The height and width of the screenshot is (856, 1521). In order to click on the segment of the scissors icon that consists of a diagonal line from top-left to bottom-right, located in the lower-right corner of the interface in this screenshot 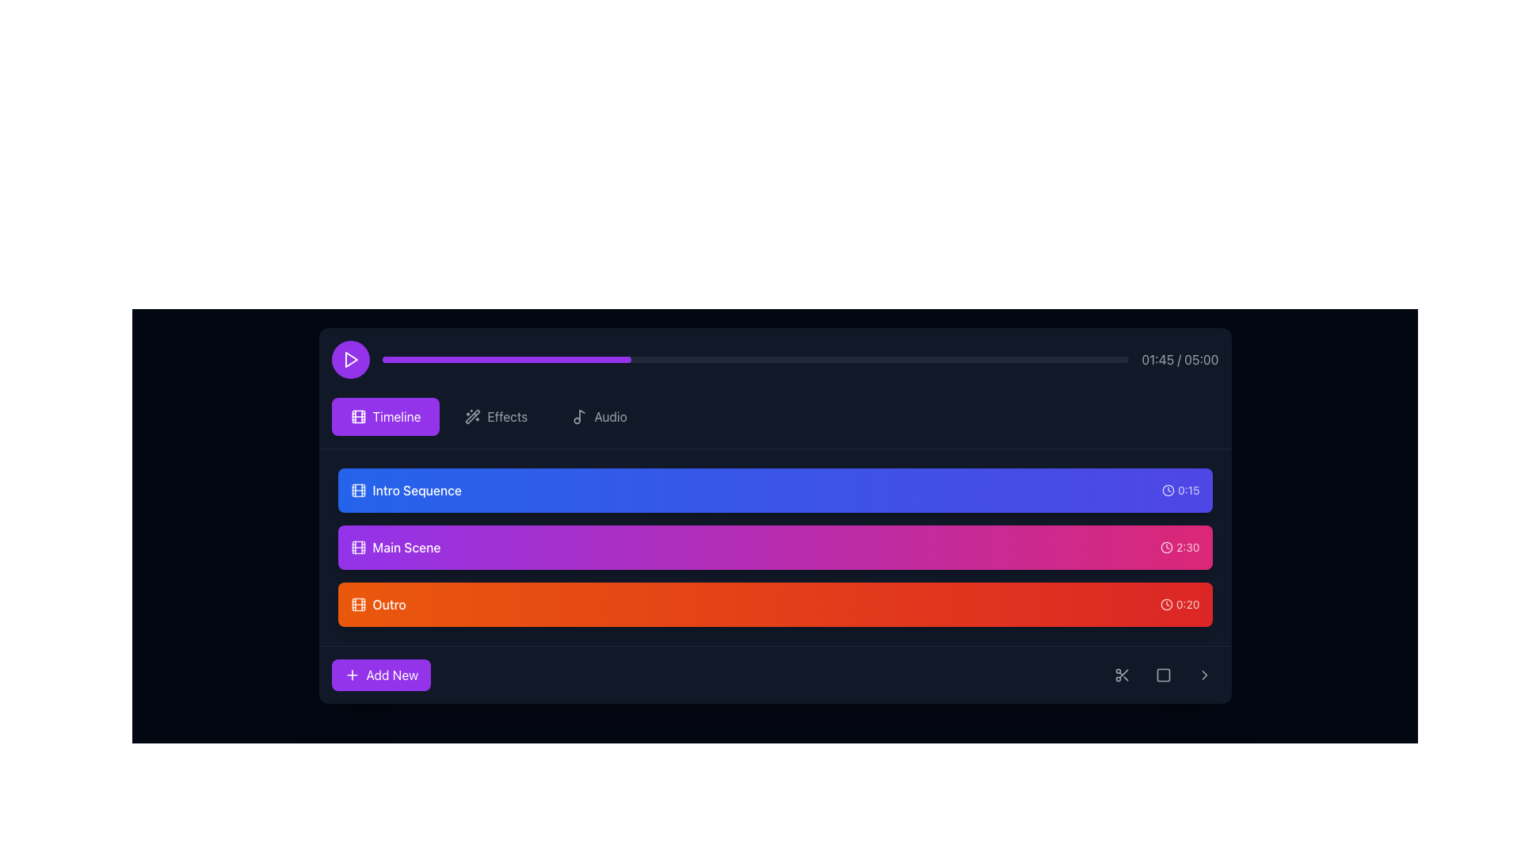, I will do `click(1123, 674)`.